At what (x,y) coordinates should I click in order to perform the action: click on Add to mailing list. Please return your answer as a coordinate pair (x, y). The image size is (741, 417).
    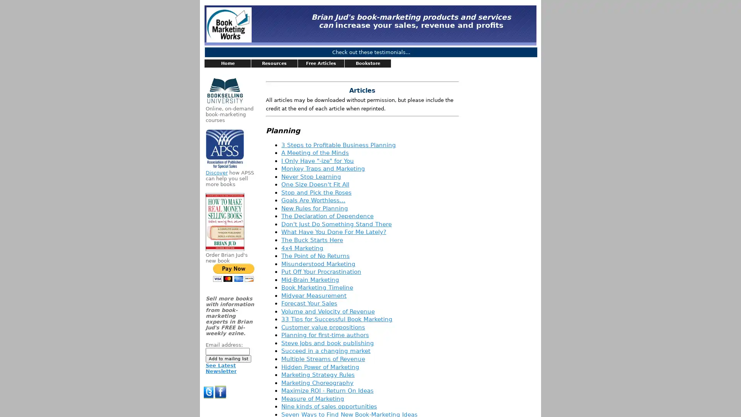
    Looking at the image, I should click on (228, 364).